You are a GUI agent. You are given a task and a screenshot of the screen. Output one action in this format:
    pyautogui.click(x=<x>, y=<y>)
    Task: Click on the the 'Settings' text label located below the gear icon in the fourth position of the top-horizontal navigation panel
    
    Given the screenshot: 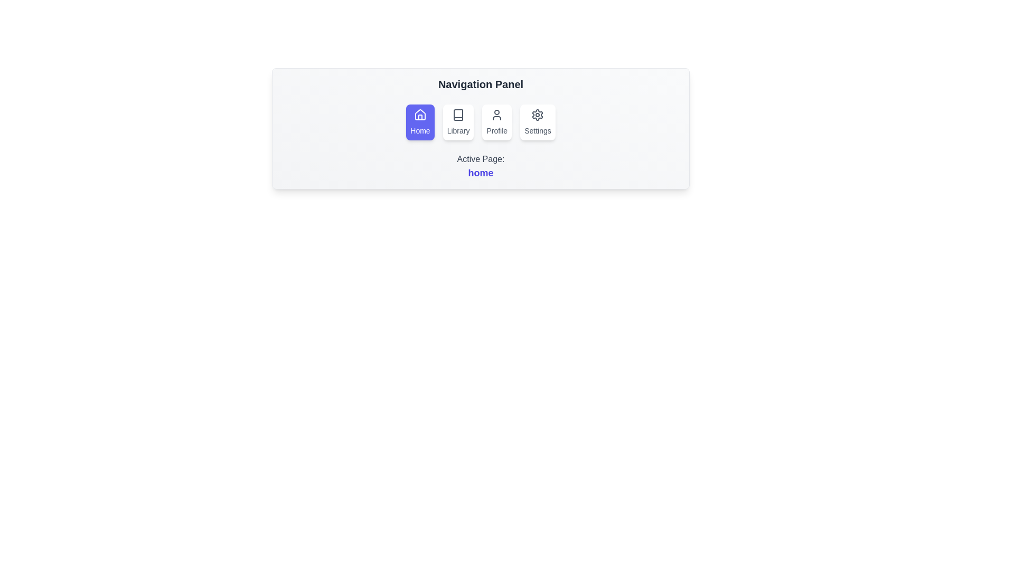 What is the action you would take?
    pyautogui.click(x=538, y=130)
    